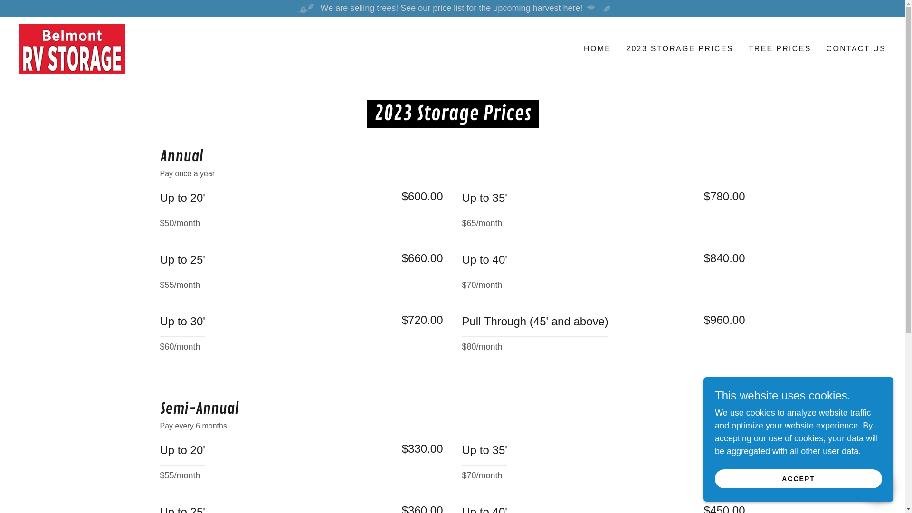 The width and height of the screenshot is (912, 513). Describe the element at coordinates (798, 478) in the screenshot. I see `'ACCEPT'` at that location.